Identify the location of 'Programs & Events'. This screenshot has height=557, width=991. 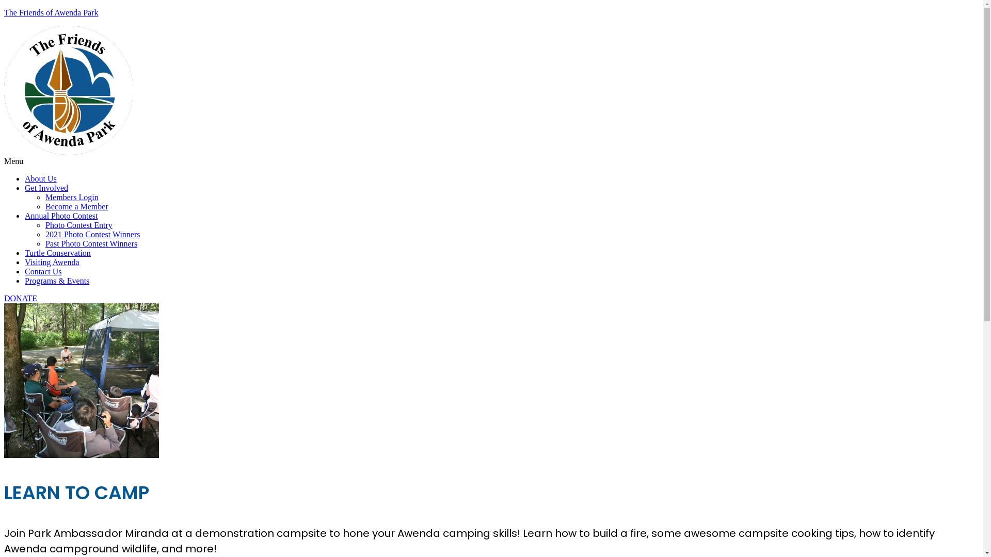
(56, 281).